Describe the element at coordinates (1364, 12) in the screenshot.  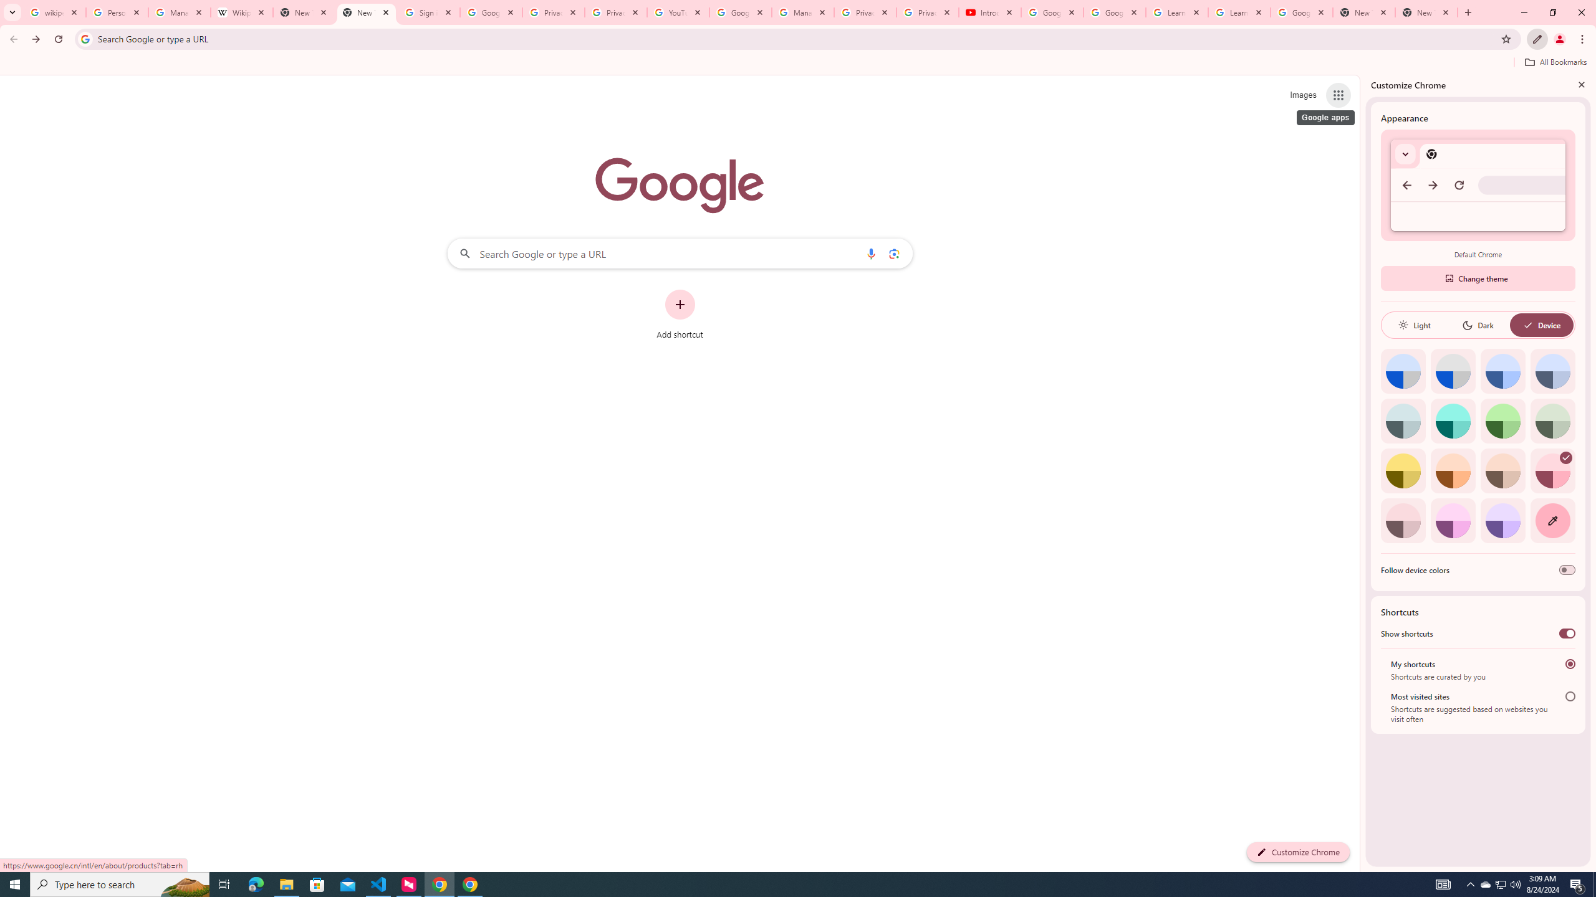
I see `'New Tab'` at that location.